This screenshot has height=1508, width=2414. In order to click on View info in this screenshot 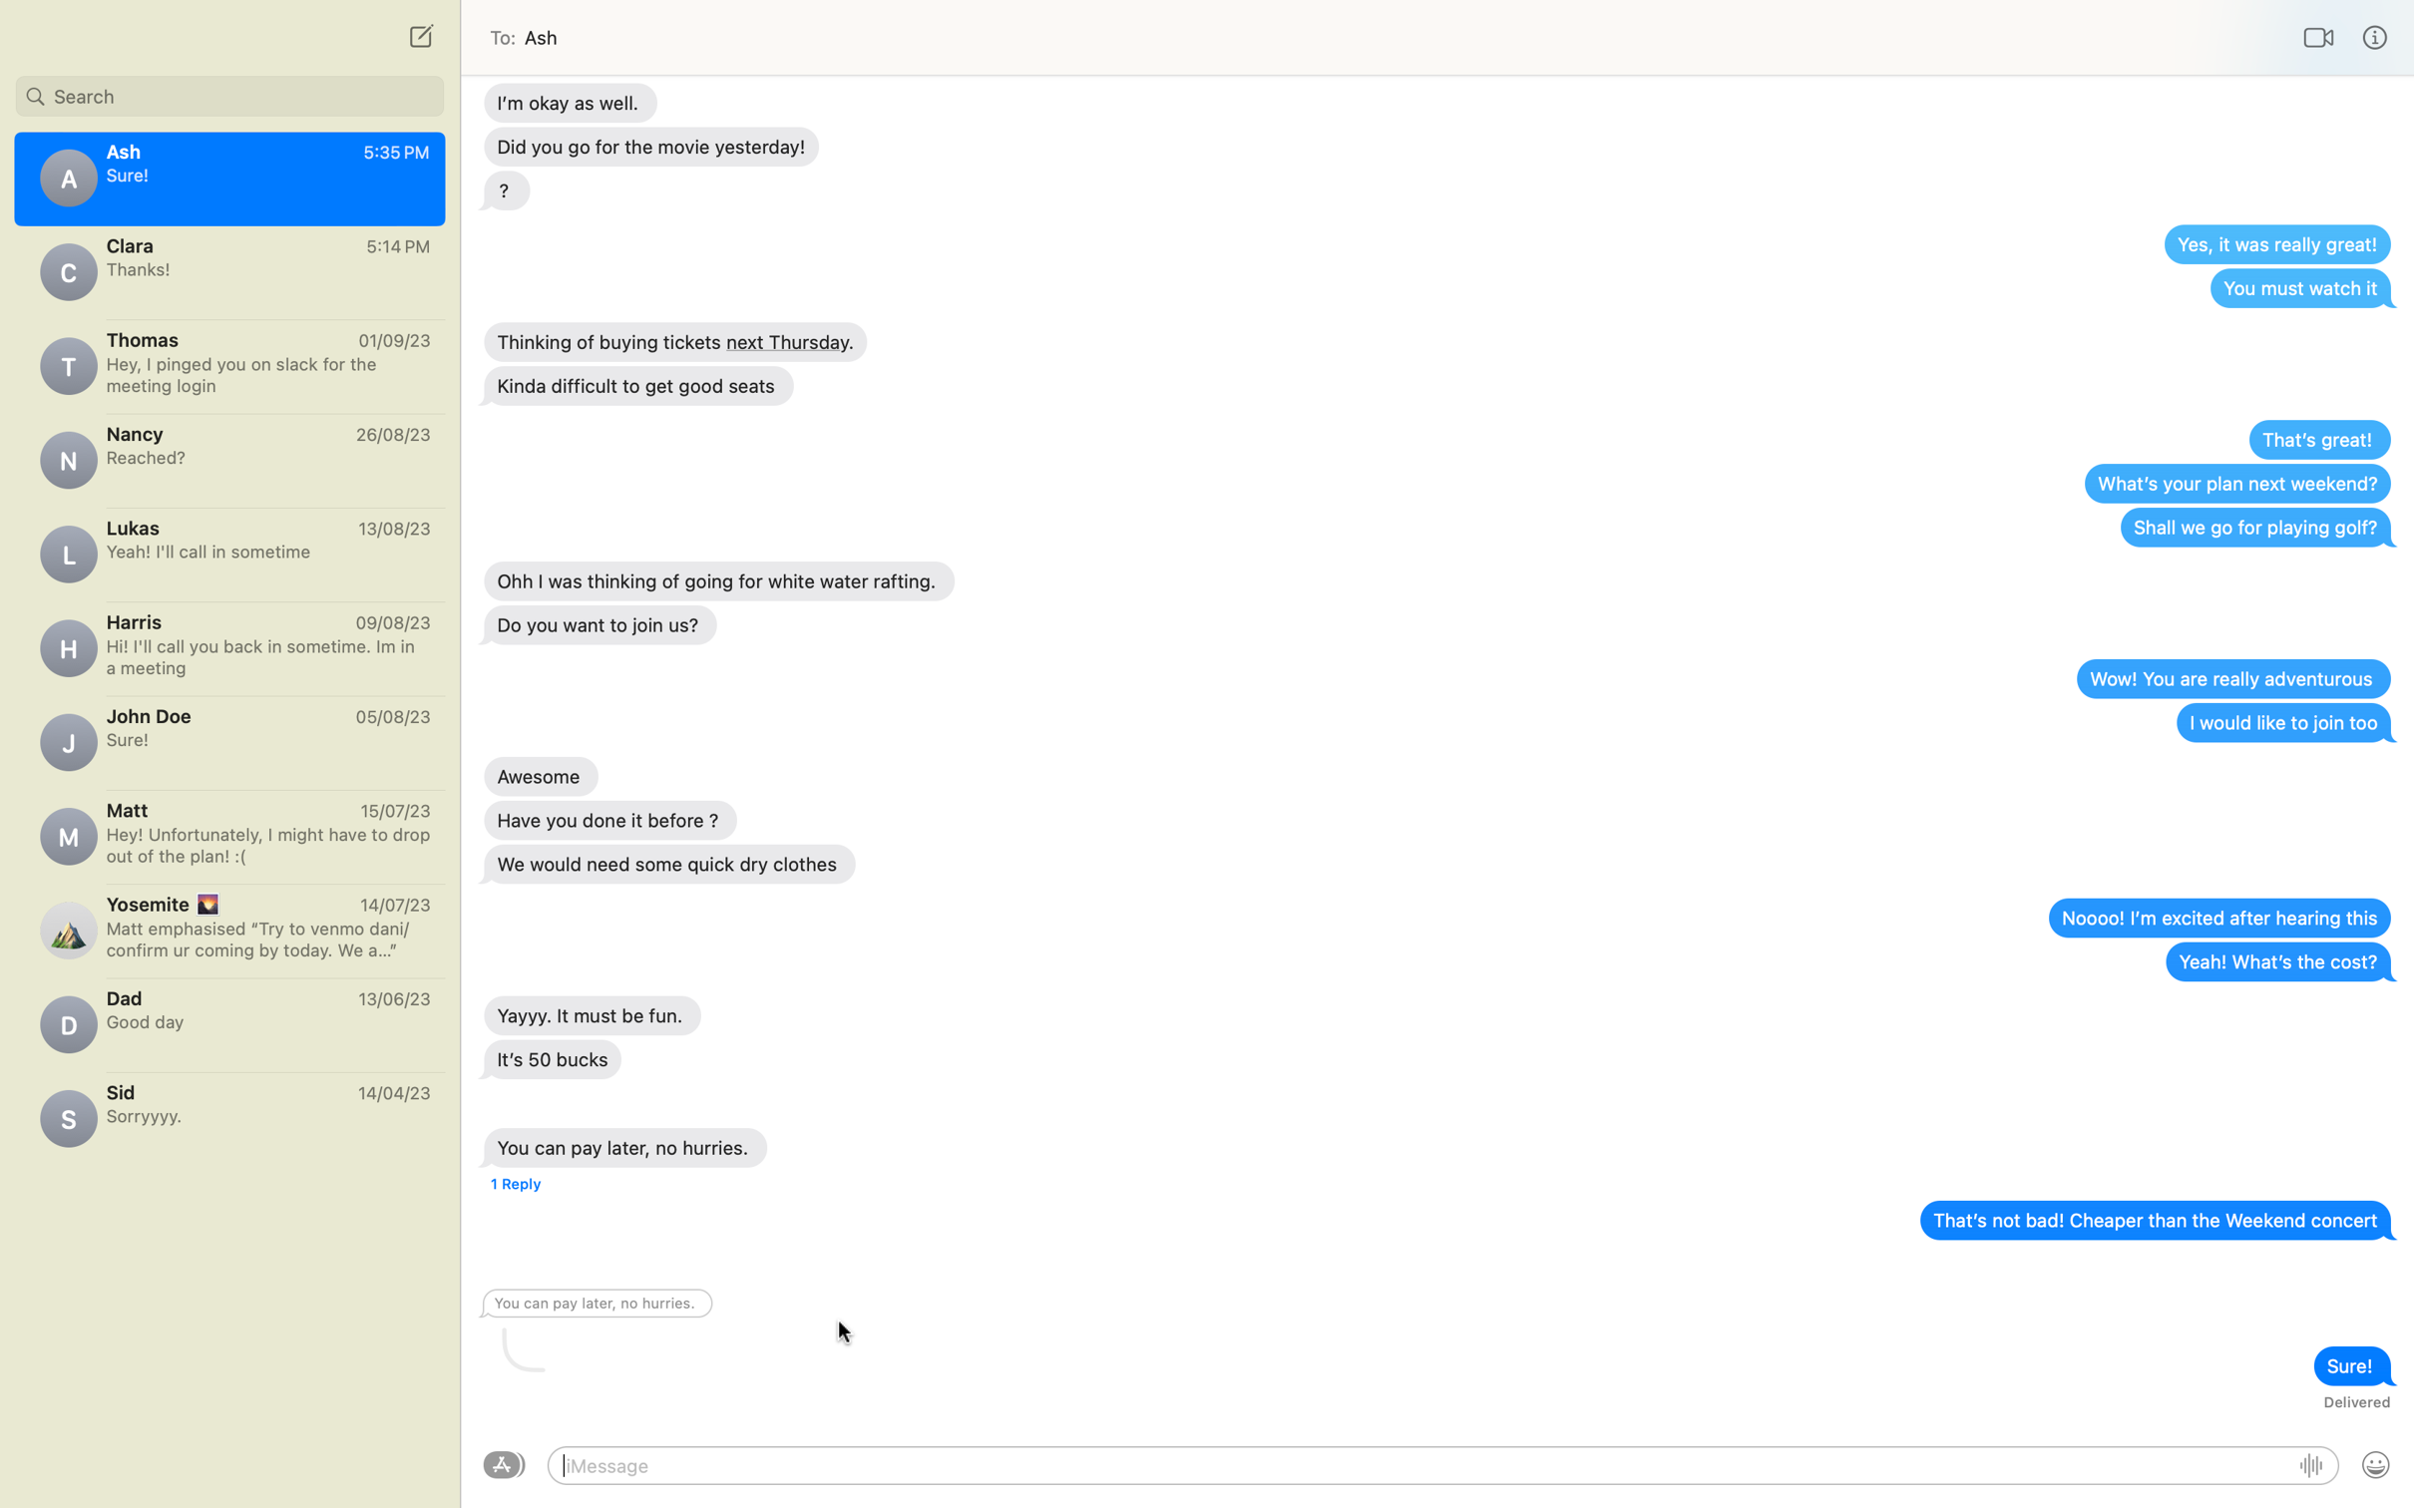, I will do `click(2375, 37)`.